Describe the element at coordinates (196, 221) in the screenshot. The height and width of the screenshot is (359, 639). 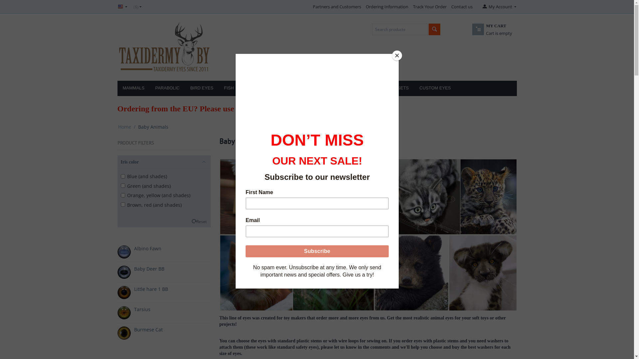
I see `'Reset'` at that location.